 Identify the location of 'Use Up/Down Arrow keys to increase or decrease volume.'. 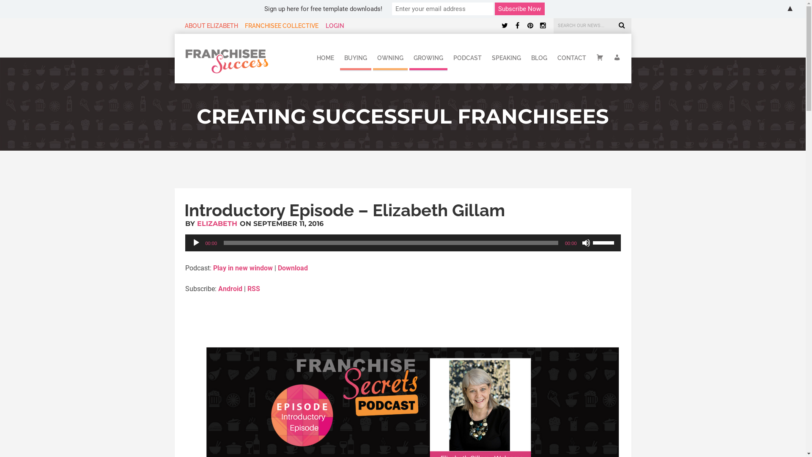
(604, 242).